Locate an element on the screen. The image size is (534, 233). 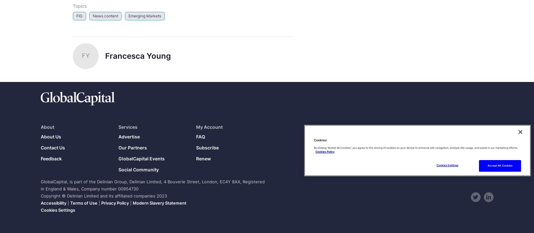
'Services' is located at coordinates (128, 127).